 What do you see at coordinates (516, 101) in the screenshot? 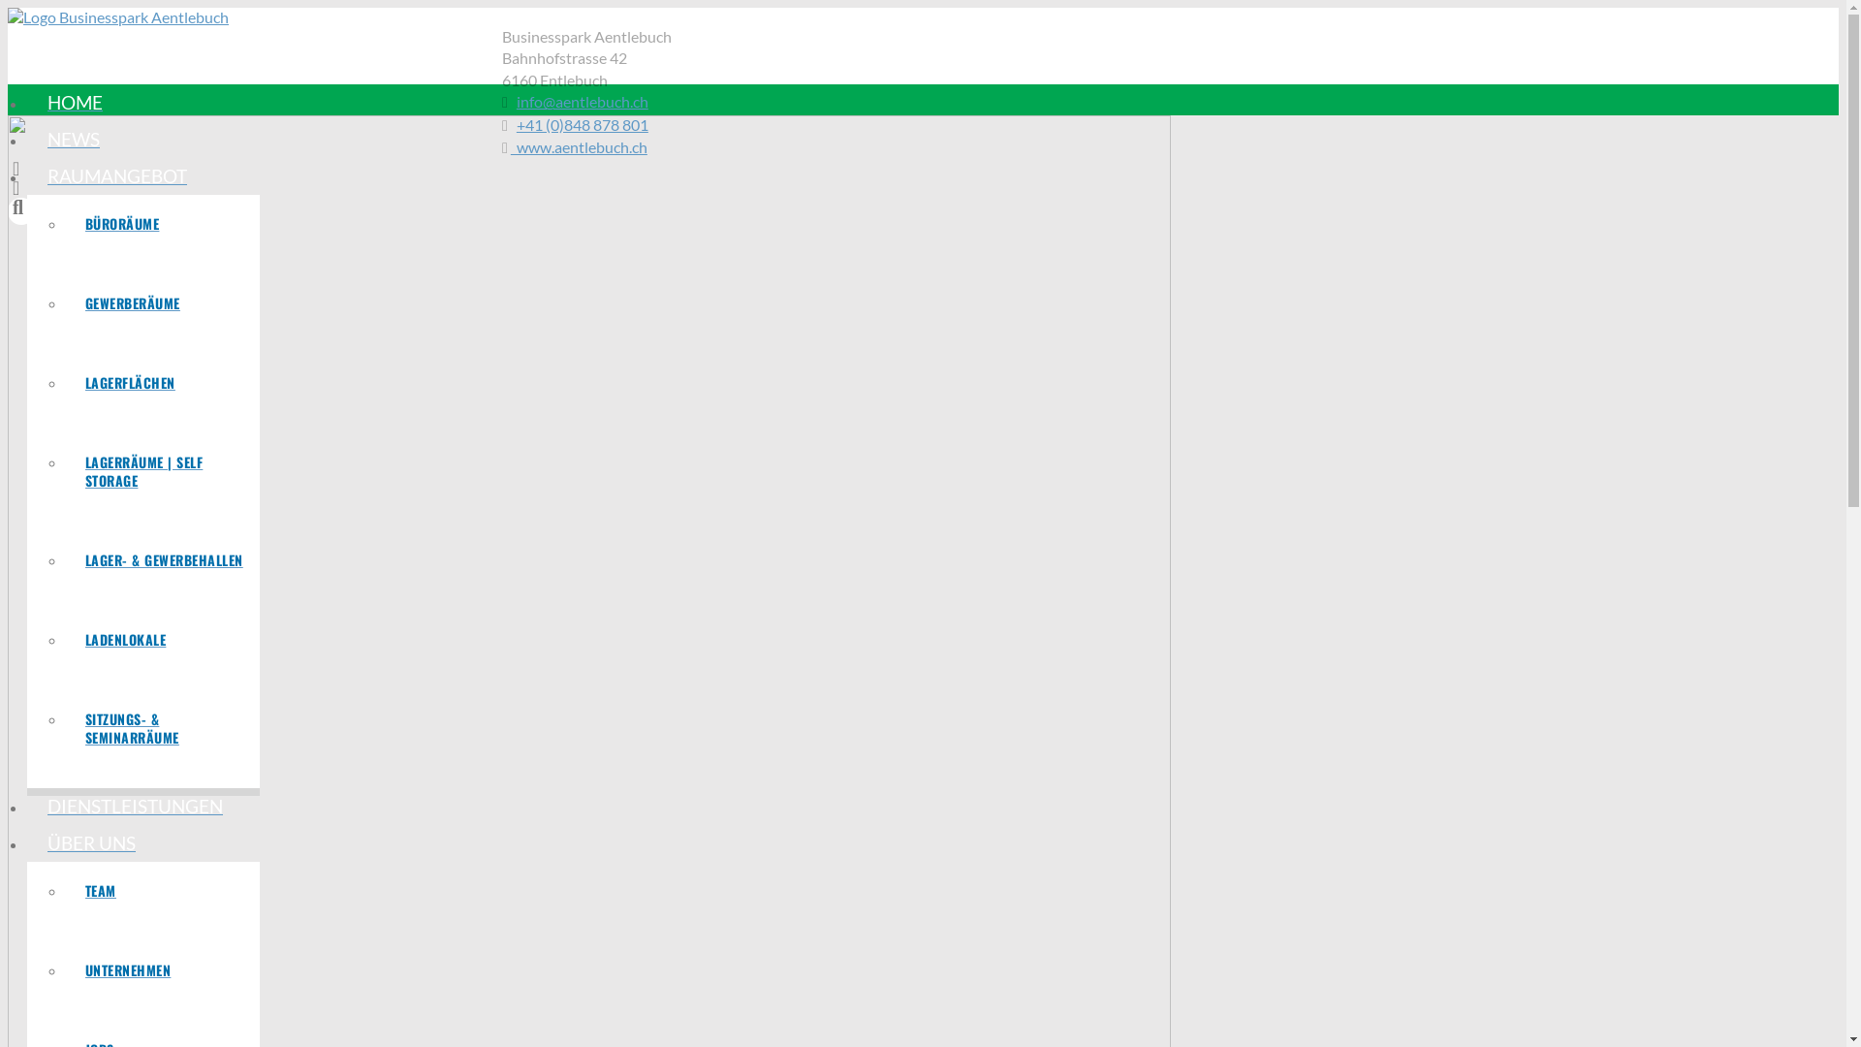
I see `'info@aentlebuch.ch'` at bounding box center [516, 101].